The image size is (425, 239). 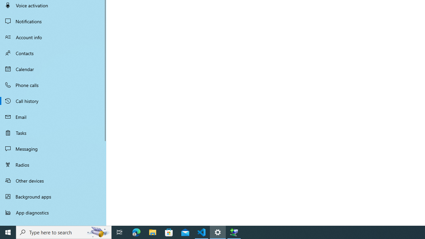 I want to click on 'Other devices', so click(x=53, y=180).